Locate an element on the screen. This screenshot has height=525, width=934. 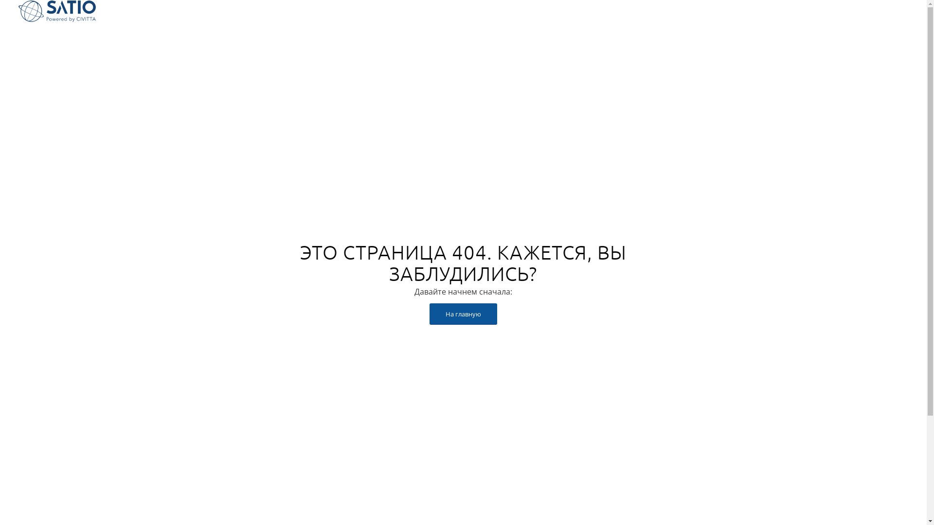
'EN' is located at coordinates (900, 11).